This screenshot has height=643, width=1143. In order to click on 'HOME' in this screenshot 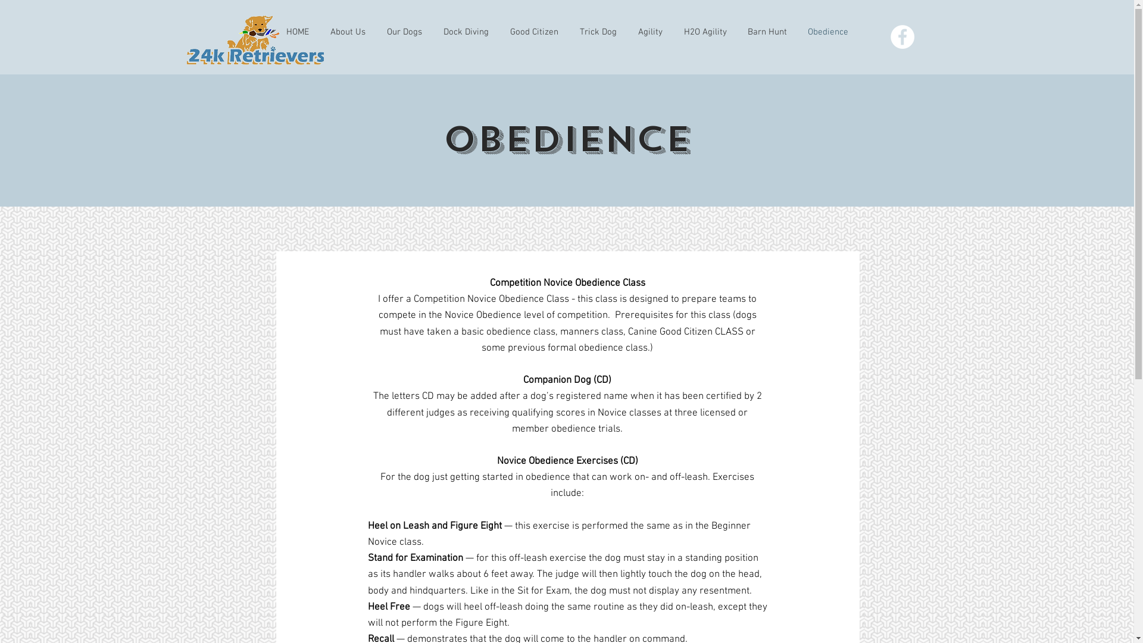, I will do `click(297, 32)`.